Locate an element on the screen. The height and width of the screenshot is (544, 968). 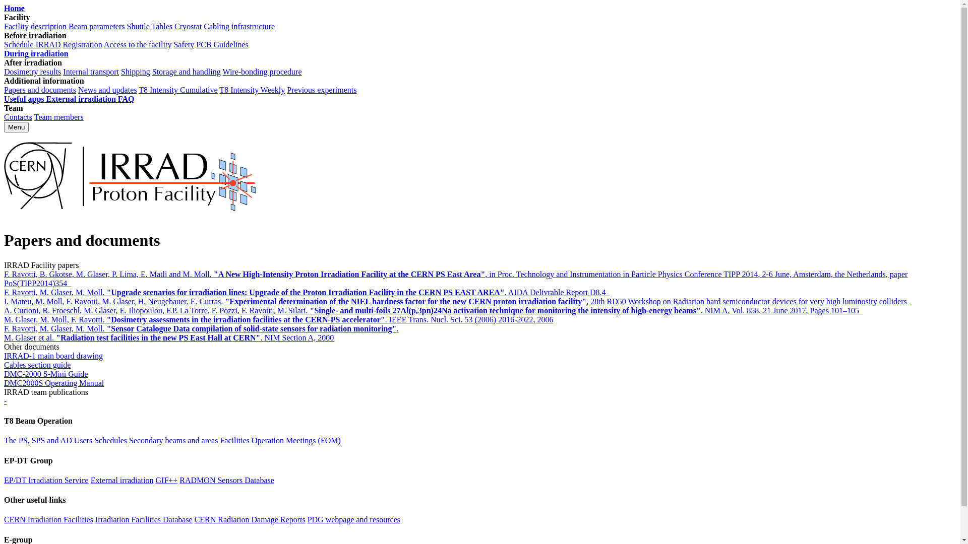
'Cabling infrastructure' is located at coordinates (238, 26).